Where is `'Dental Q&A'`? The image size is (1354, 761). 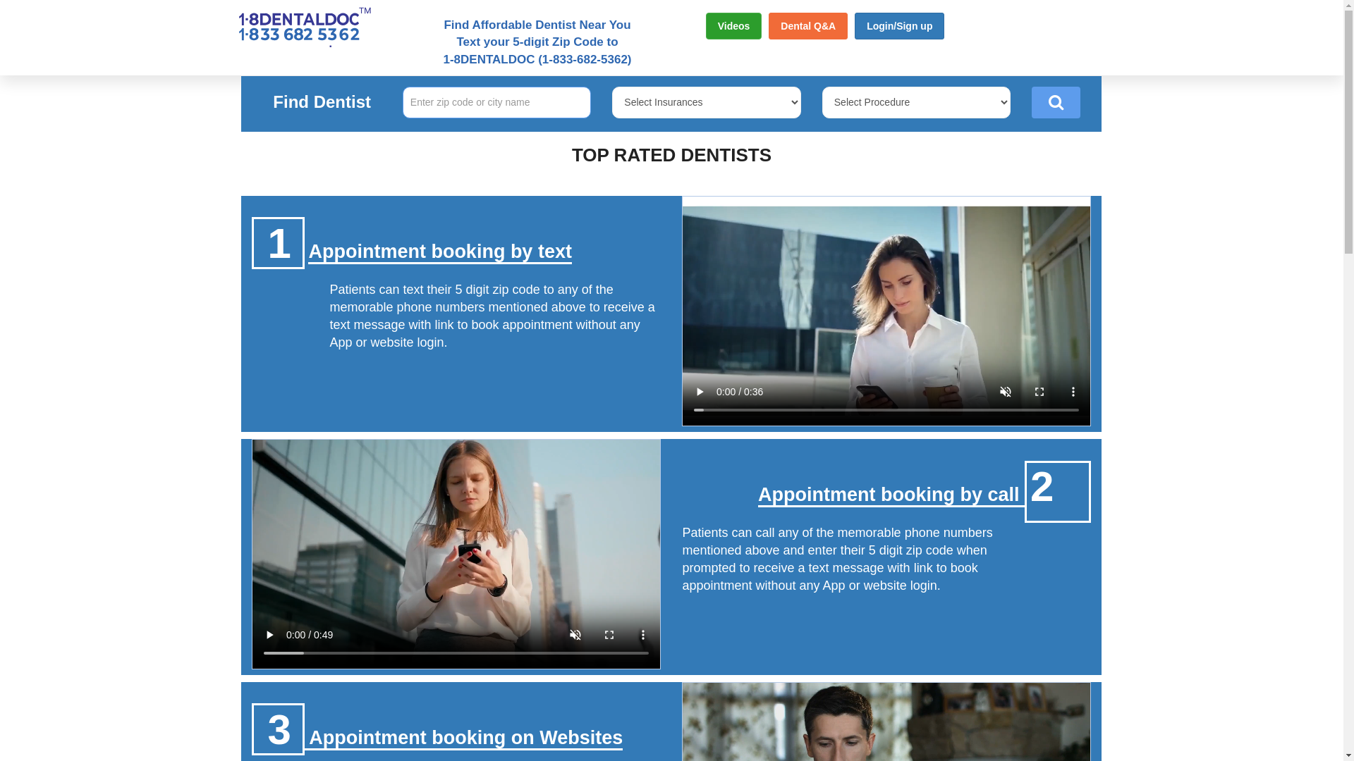 'Dental Q&A' is located at coordinates (767, 26).